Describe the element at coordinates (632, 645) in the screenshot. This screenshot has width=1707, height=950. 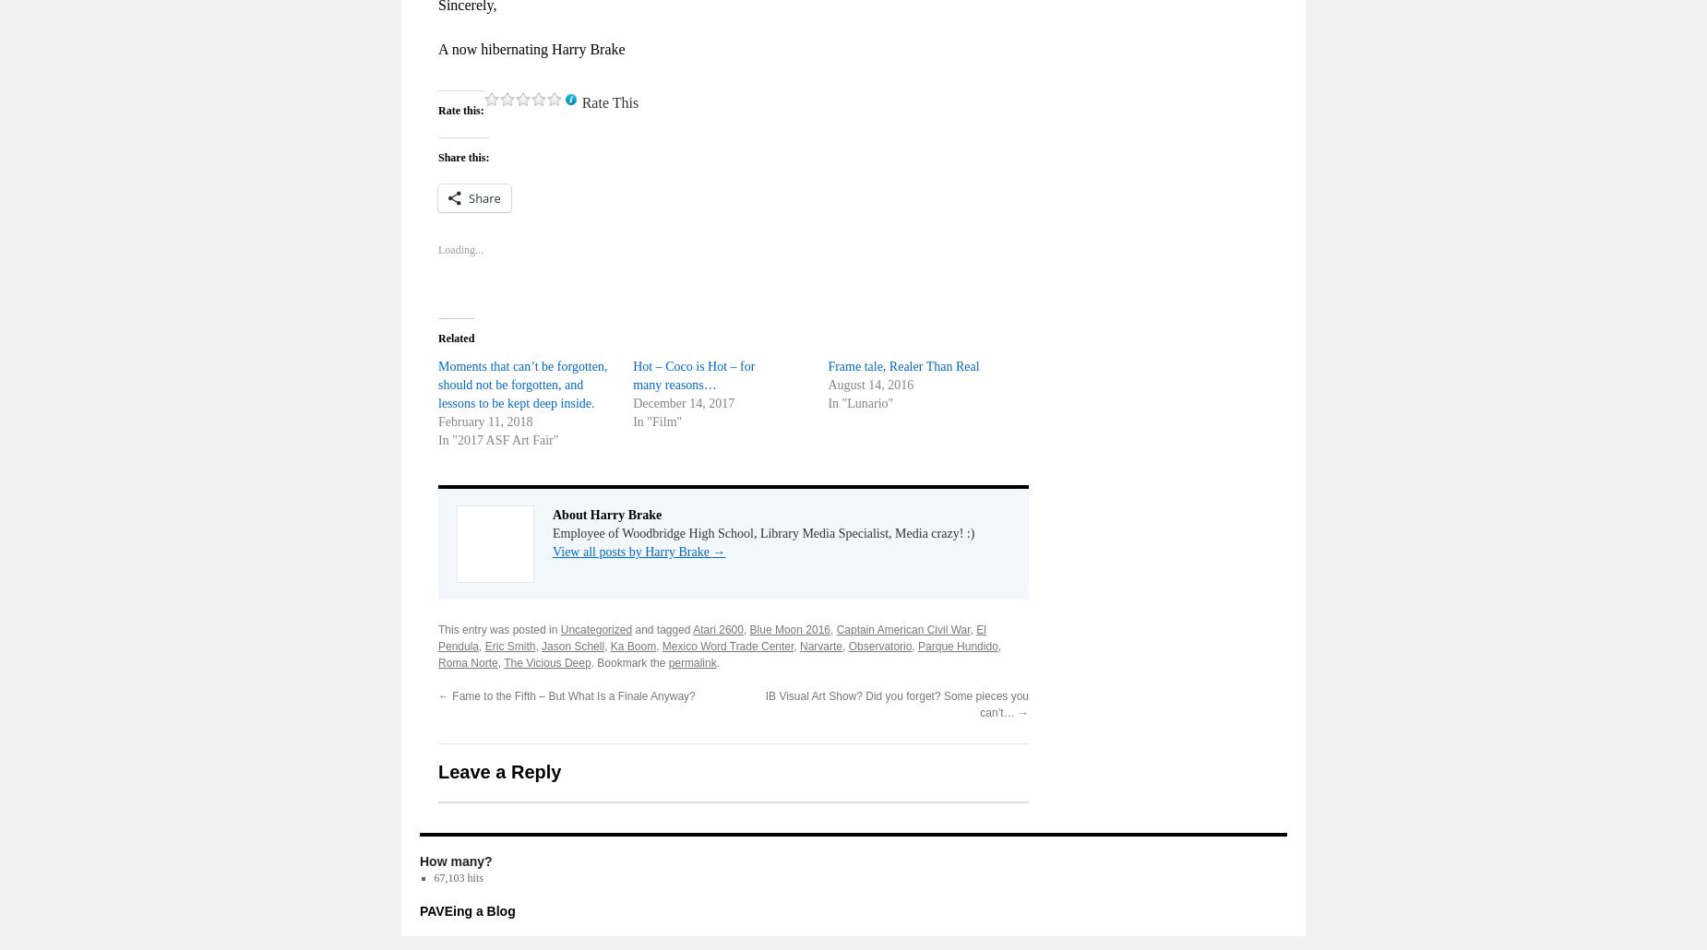
I see `'Ka Boom'` at that location.